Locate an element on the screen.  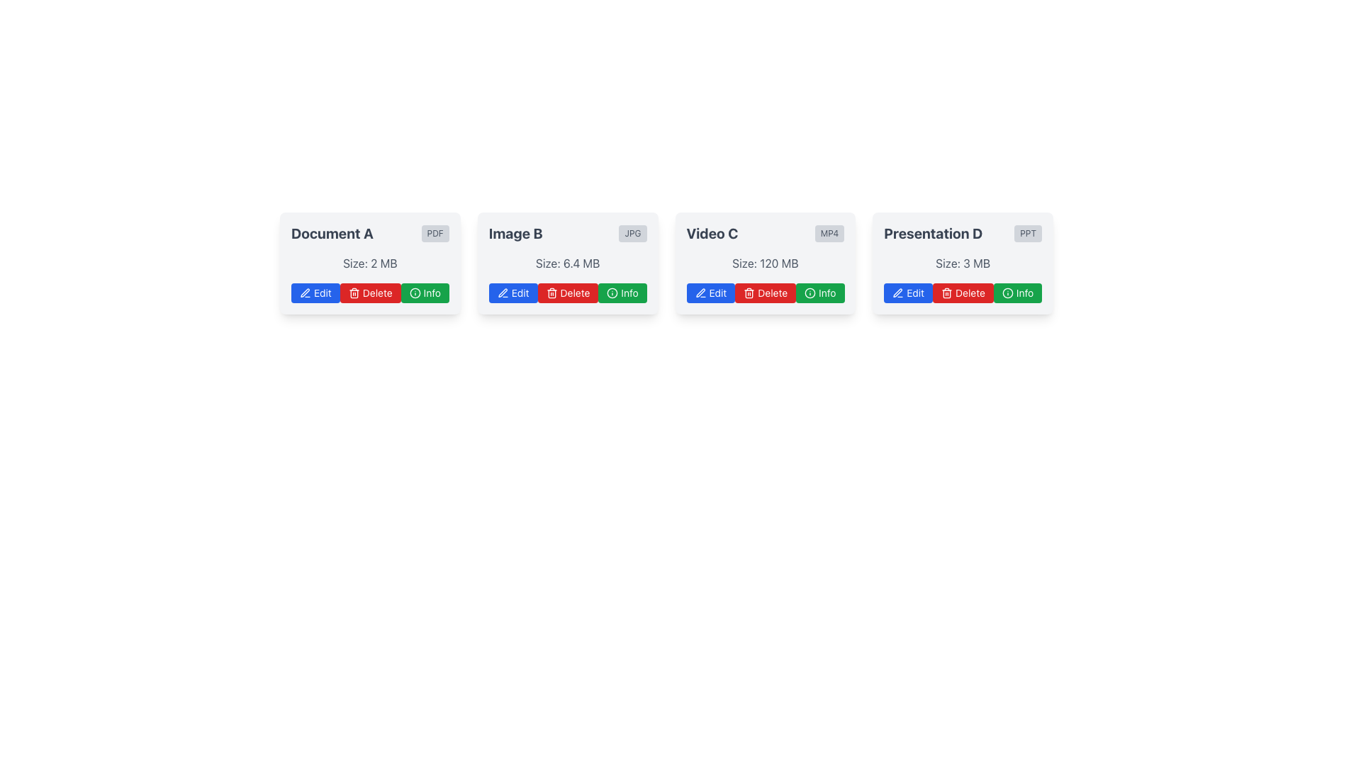
the blue 'Edit' button with rounded edges, labeled 'Edit' in white text, which is the first button in a horizontal set of three buttons at the bottom of the card labeled 'Document A' to activate hover styling is located at coordinates (315, 292).